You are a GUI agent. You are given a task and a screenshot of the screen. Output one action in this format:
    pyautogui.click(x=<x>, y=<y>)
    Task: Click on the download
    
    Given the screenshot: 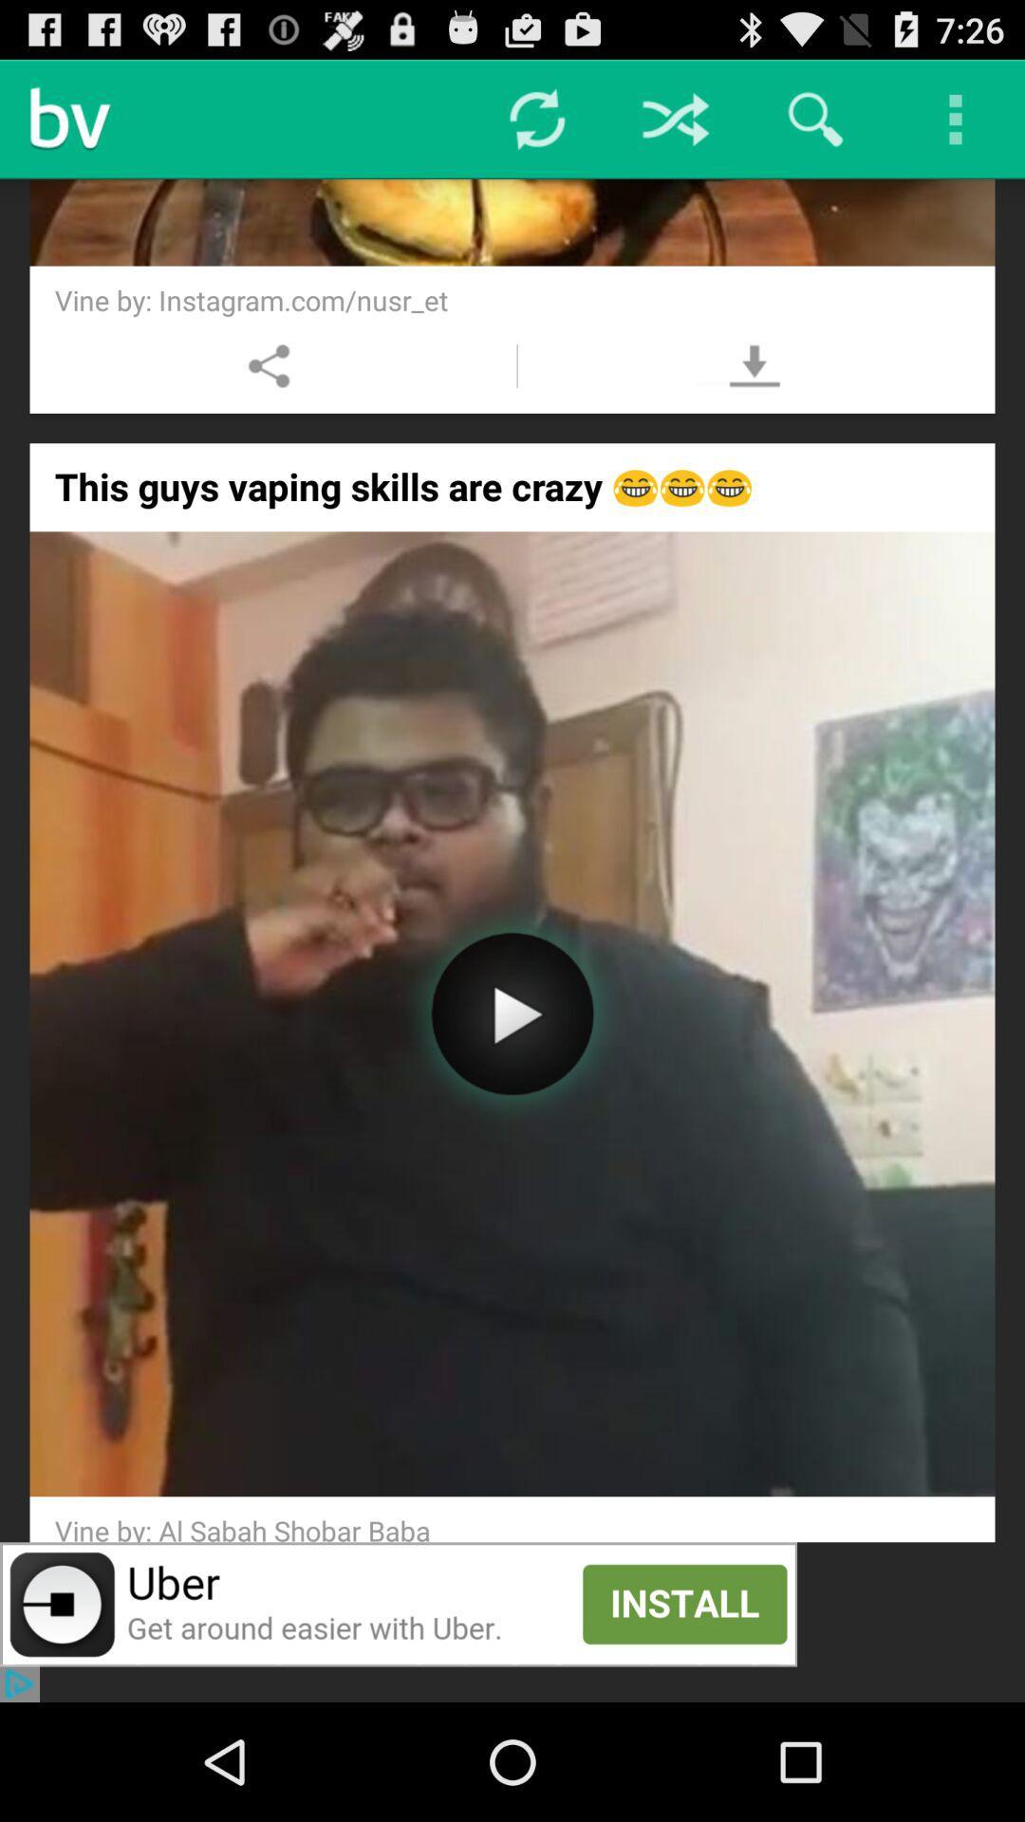 What is the action you would take?
    pyautogui.click(x=753, y=365)
    